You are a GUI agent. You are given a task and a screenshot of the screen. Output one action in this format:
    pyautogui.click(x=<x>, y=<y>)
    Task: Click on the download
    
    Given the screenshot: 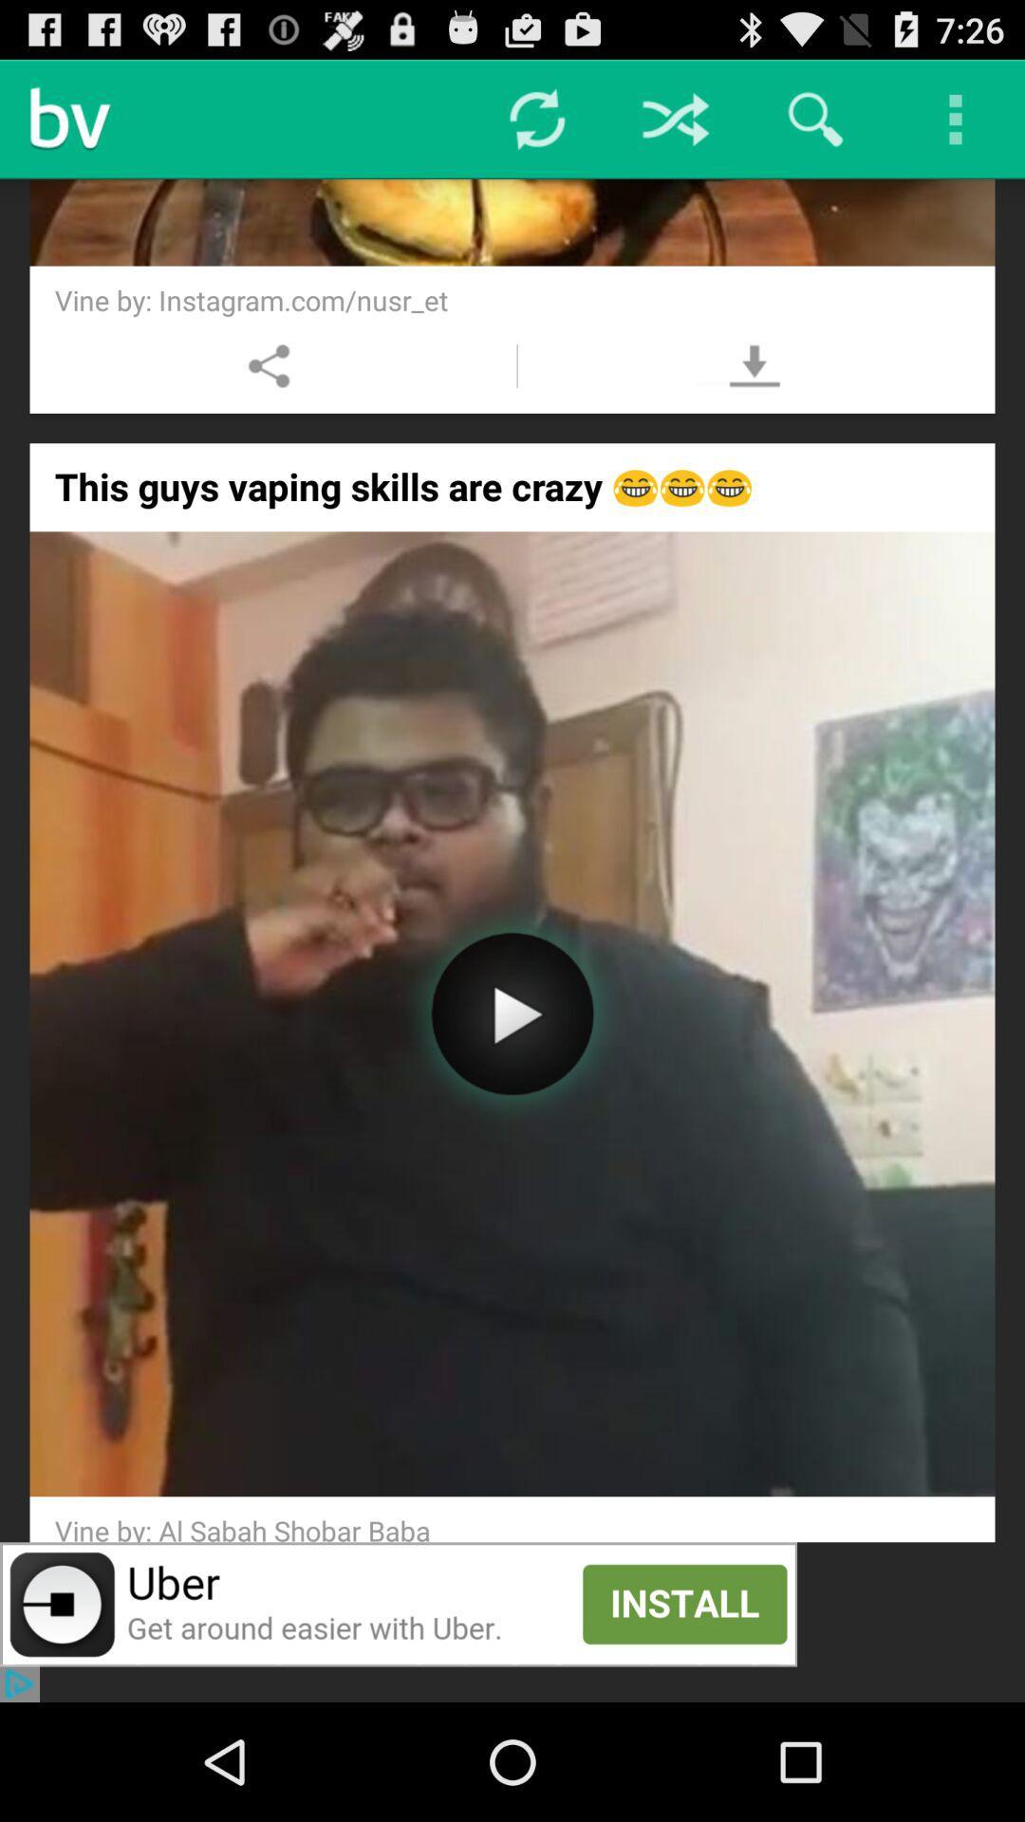 What is the action you would take?
    pyautogui.click(x=753, y=365)
    